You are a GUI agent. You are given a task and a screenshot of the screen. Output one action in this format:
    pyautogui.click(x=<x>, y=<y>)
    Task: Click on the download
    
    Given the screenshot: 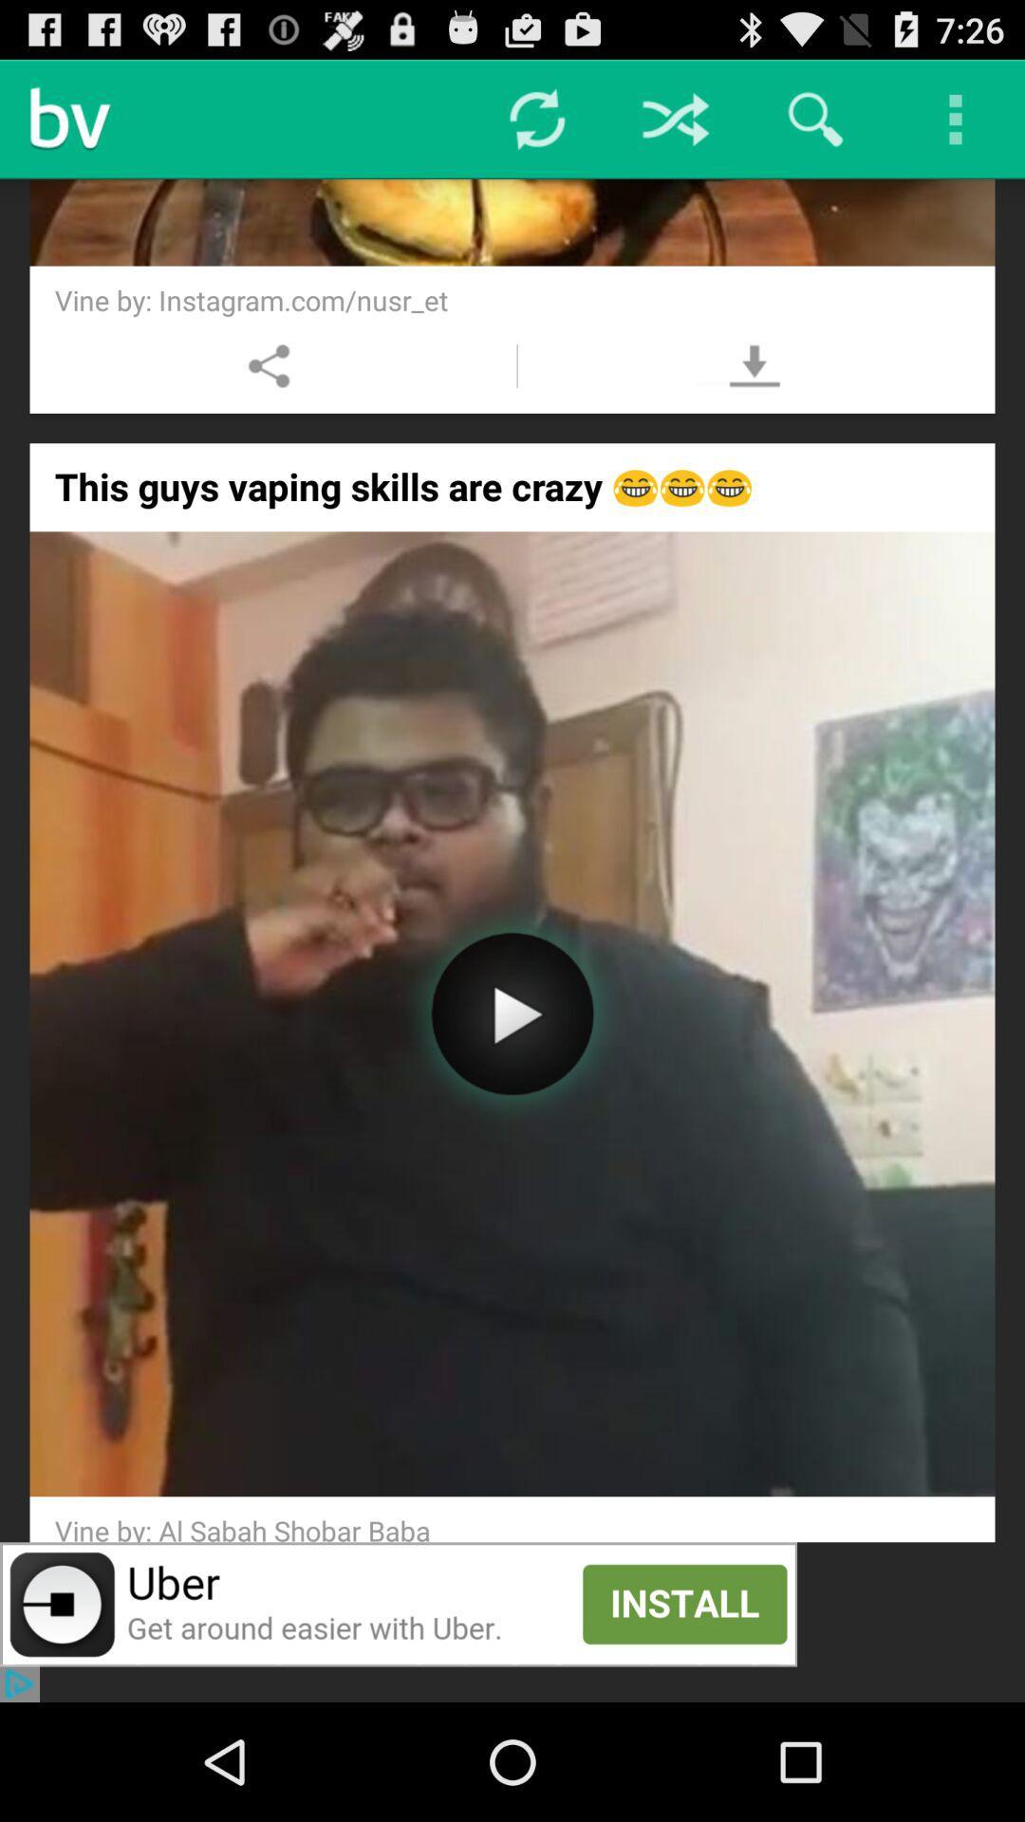 What is the action you would take?
    pyautogui.click(x=753, y=365)
    